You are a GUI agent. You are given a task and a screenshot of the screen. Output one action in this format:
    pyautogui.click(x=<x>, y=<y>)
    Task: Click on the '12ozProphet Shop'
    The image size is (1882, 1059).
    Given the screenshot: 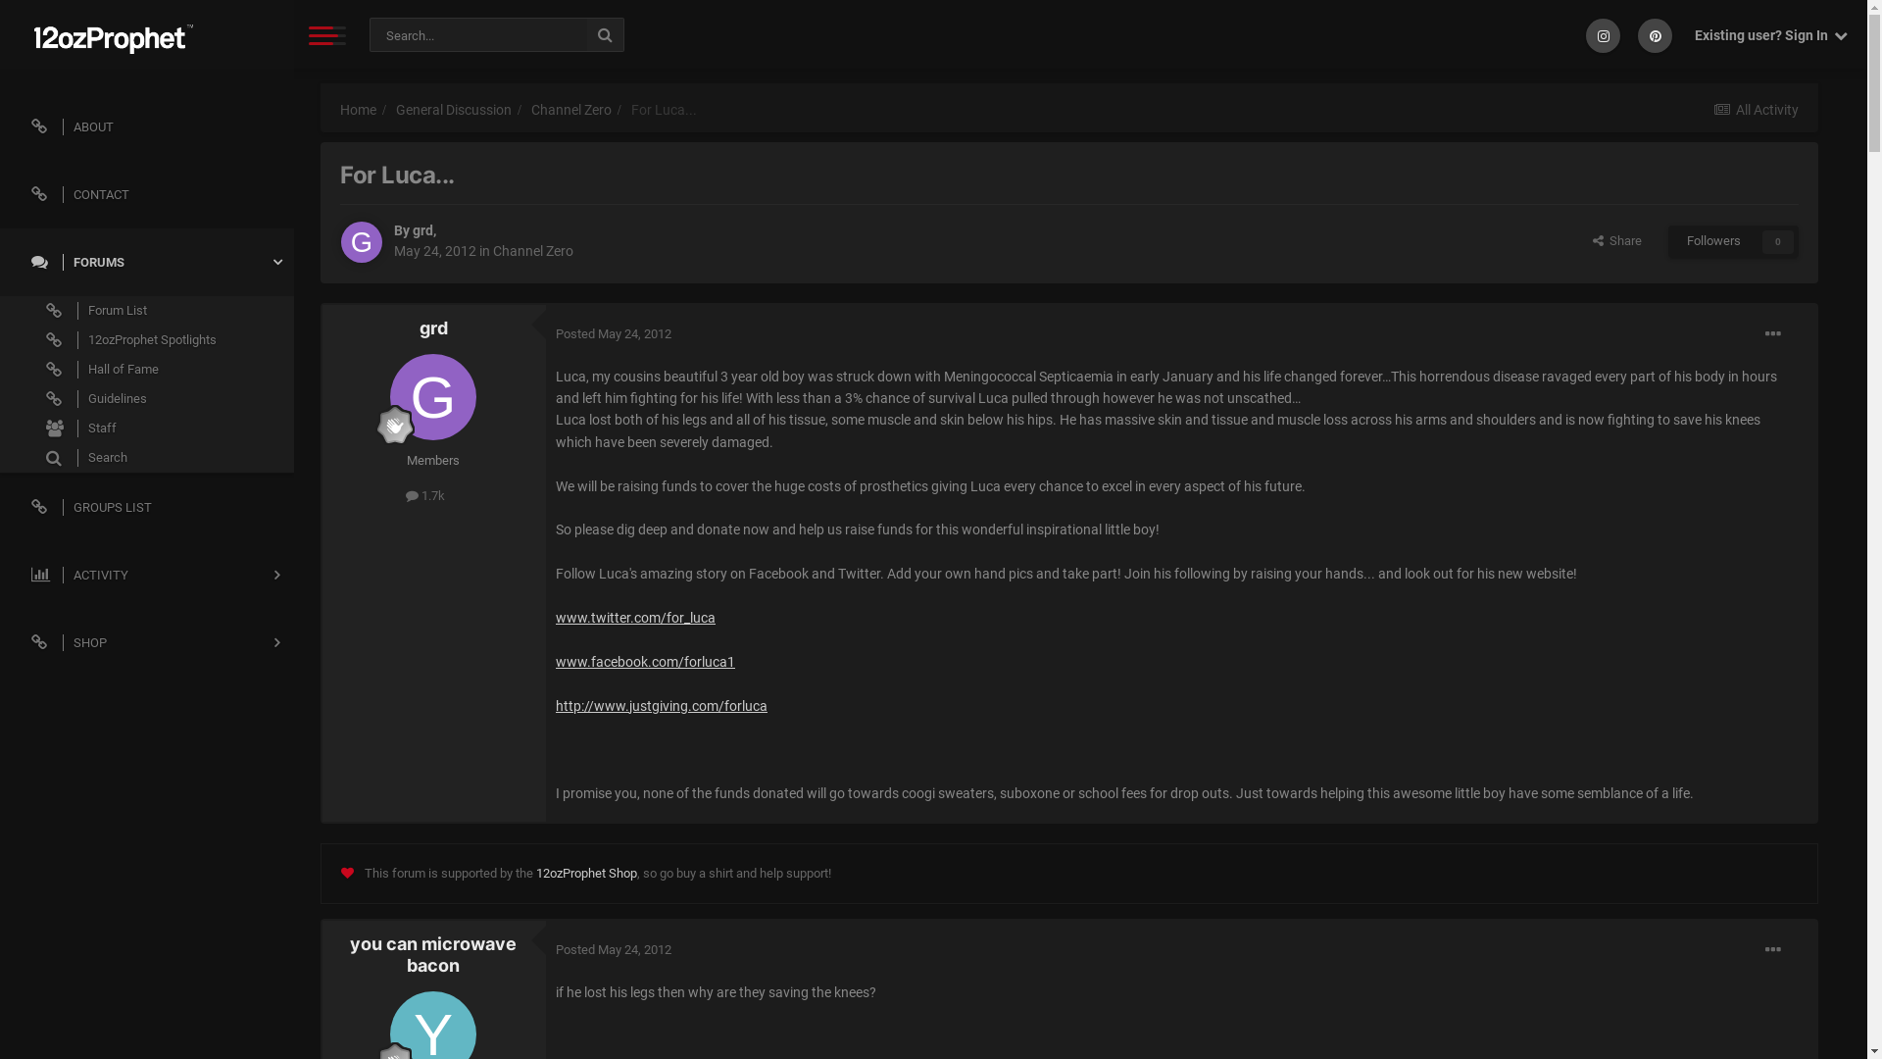 What is the action you would take?
    pyautogui.click(x=585, y=872)
    